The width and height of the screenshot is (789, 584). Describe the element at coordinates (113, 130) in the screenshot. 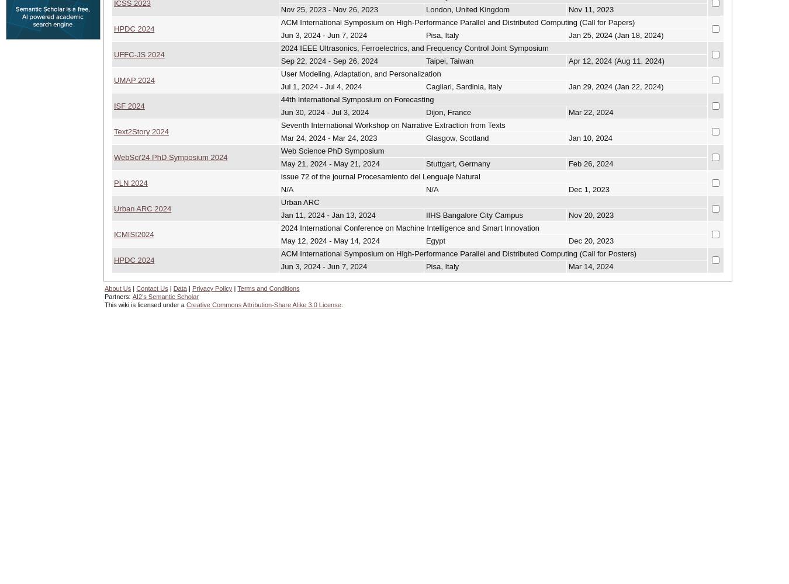

I see `'Text2Story 2024'` at that location.